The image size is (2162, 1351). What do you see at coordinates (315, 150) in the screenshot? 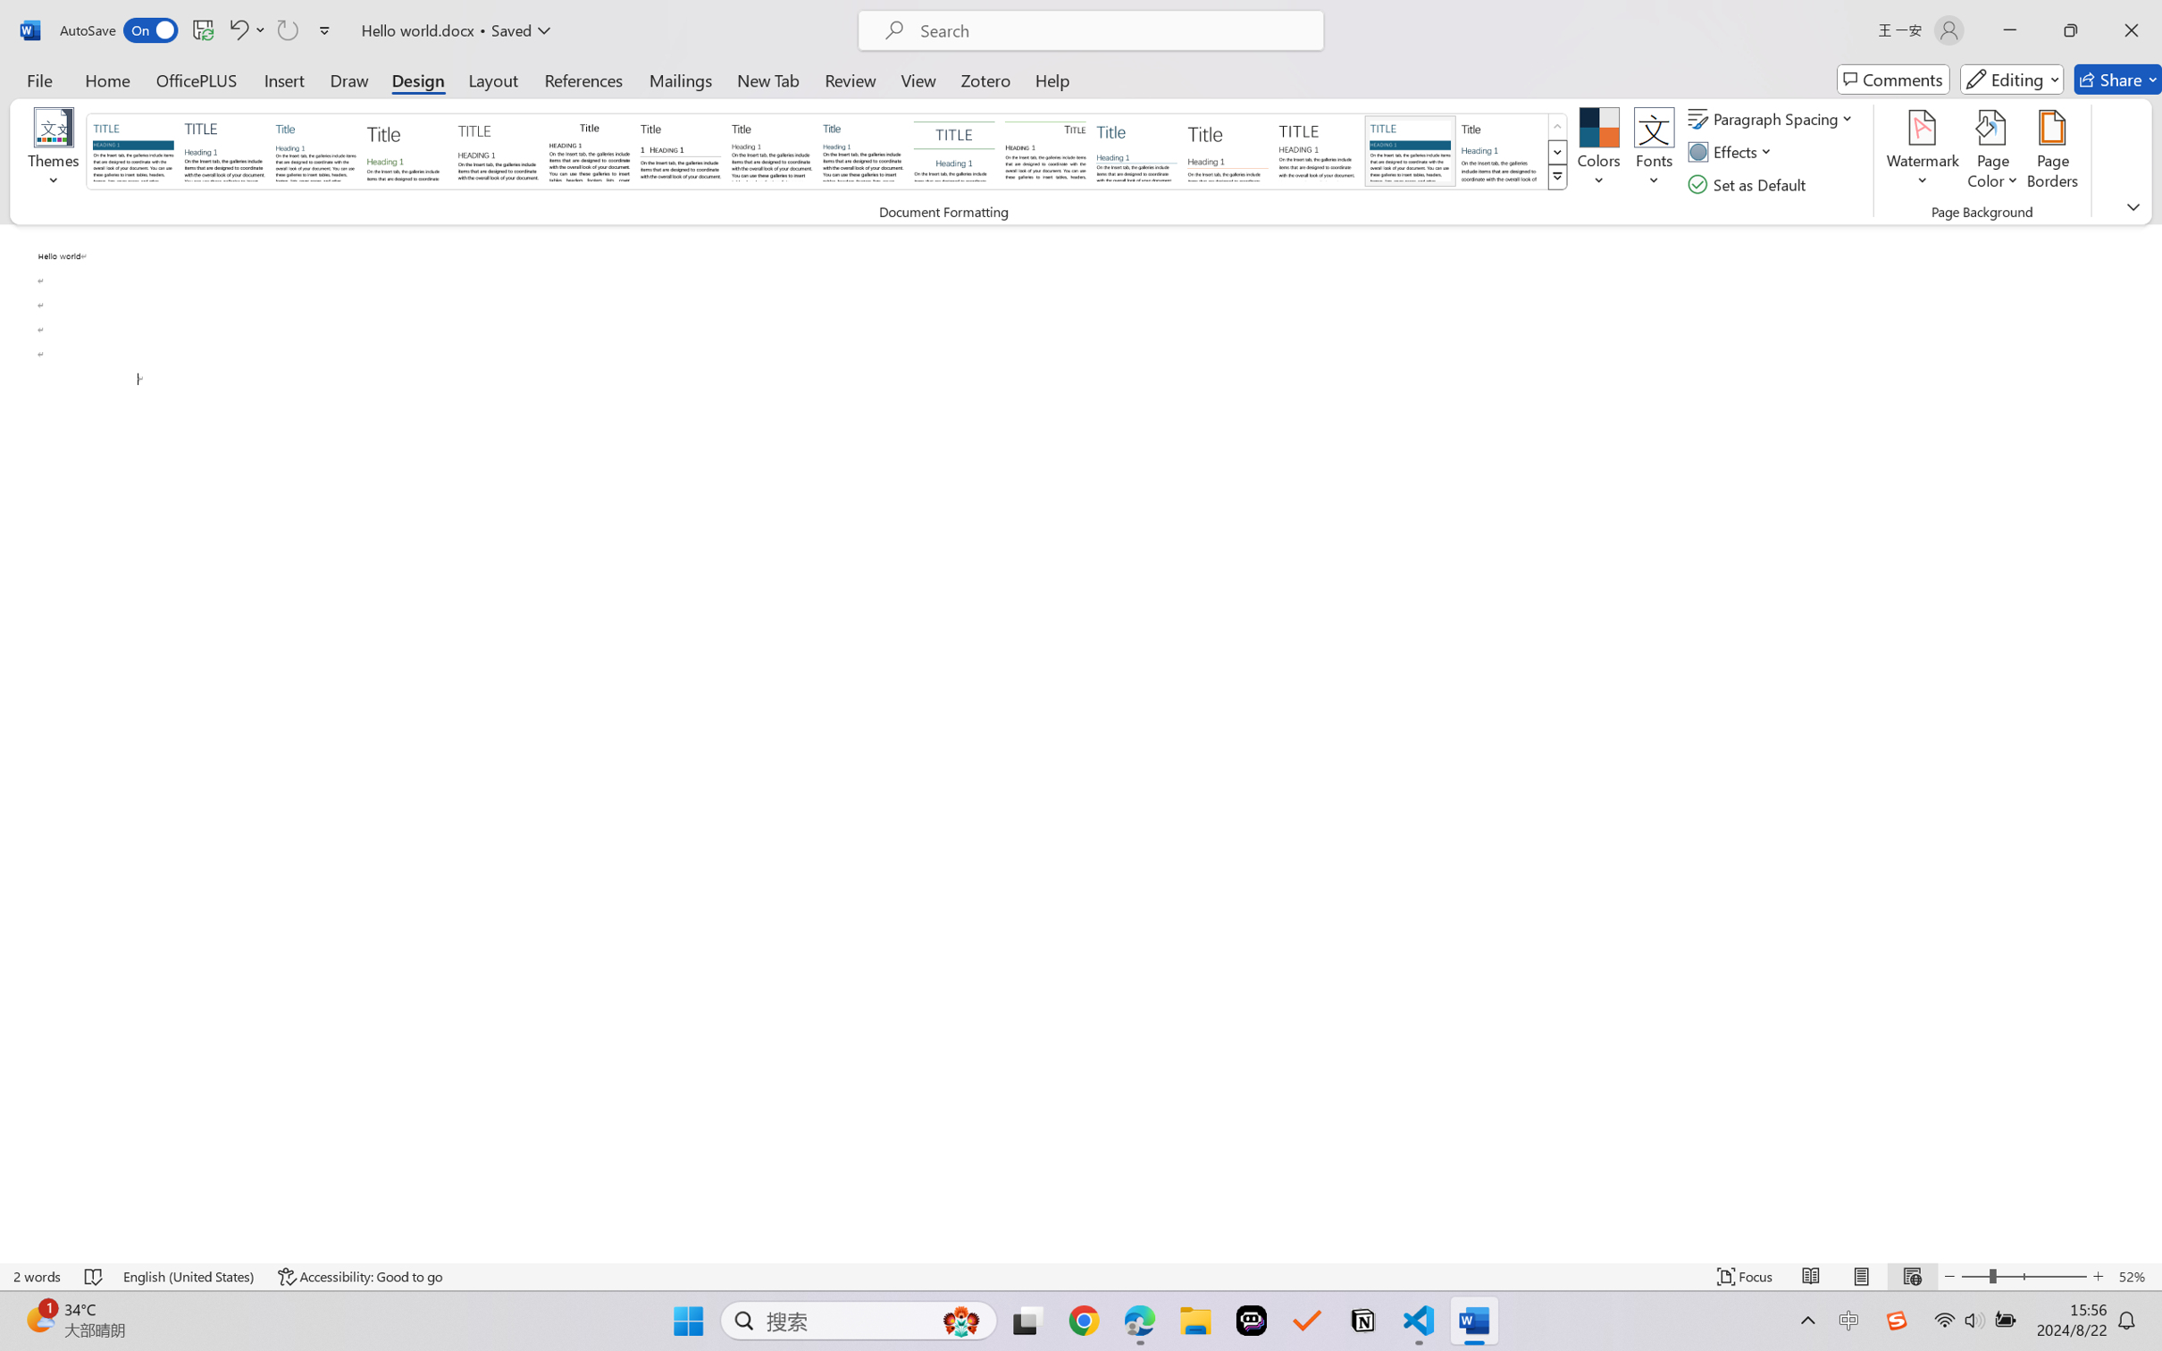
I see `'Basic (Simple)'` at bounding box center [315, 150].